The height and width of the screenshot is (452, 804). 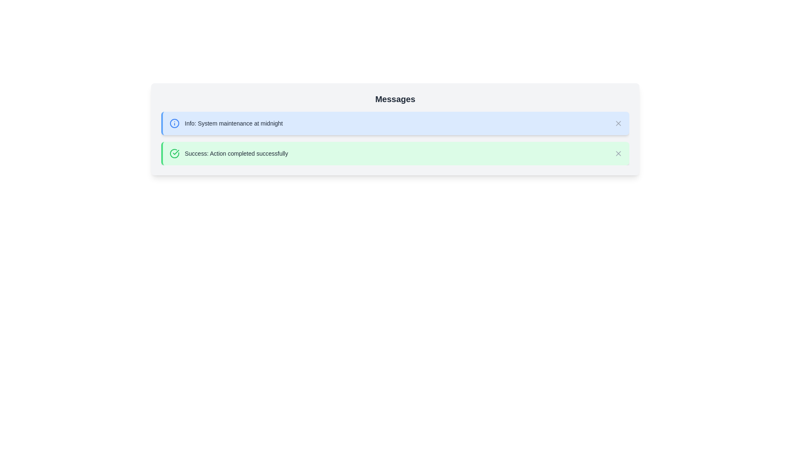 I want to click on the circular green icon with a checkmark inside, located in the success notification bar preceding the text 'Success: Action completed successfully.', so click(x=174, y=153).